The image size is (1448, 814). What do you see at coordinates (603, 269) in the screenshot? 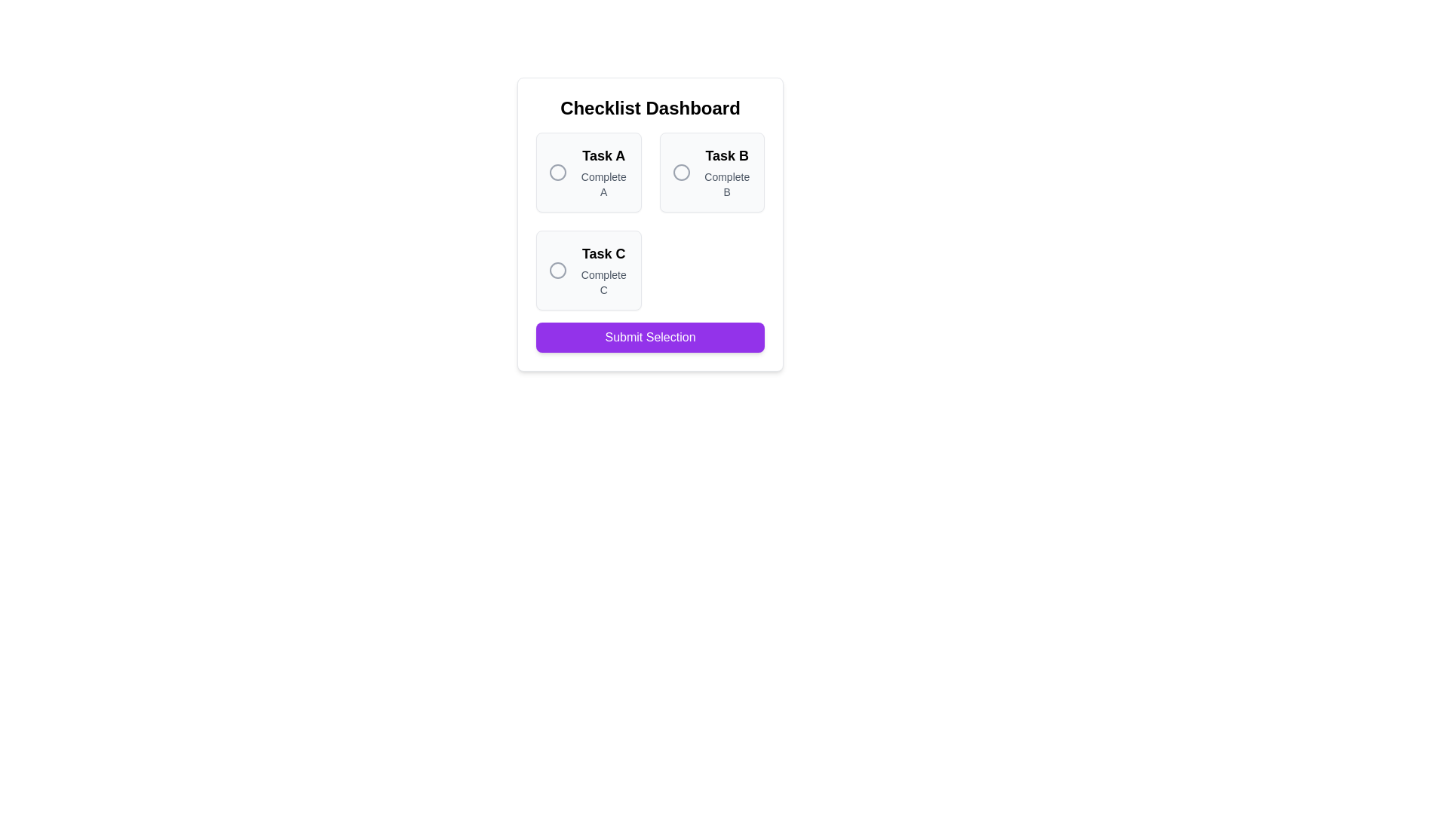
I see `the Text label that displays 'Task C' in bold font and 'Complete C' in light gray font, located in the bottom-left area of the checklist dashboard` at bounding box center [603, 269].